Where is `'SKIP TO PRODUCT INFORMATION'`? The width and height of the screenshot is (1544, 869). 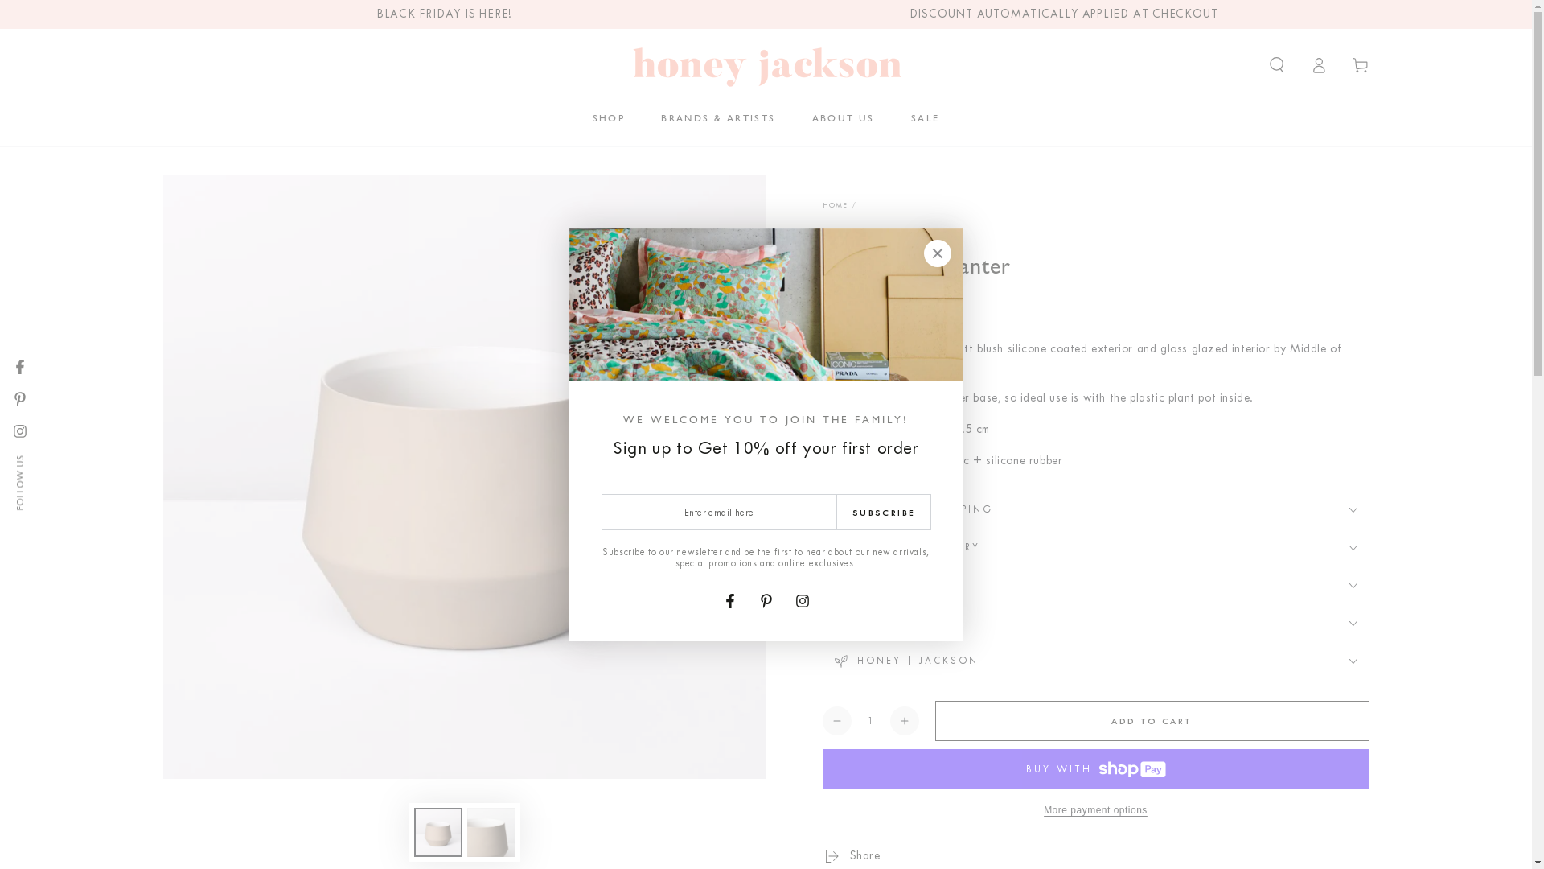
'SKIP TO PRODUCT INFORMATION' is located at coordinates (258, 194).